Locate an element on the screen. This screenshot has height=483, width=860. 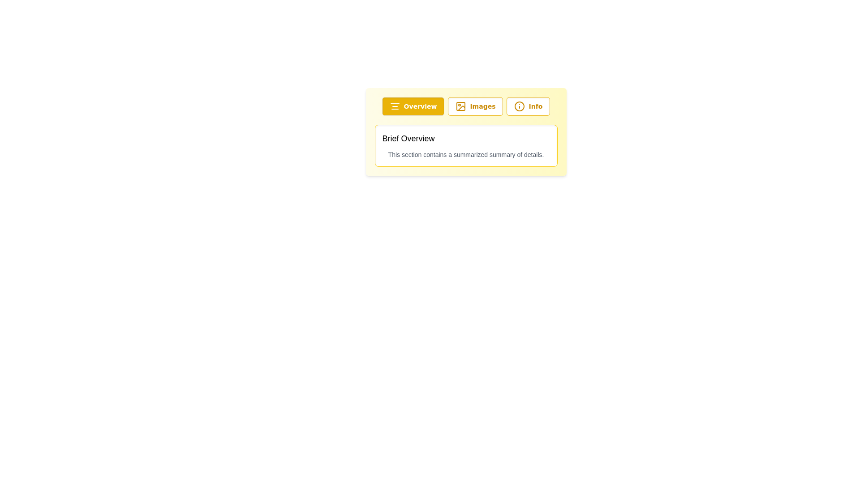
the picture frame icon with a circular detail and diagonal line, which is centrally located within the 'Images' button in the menu row, to trigger visual effects is located at coordinates (461, 106).